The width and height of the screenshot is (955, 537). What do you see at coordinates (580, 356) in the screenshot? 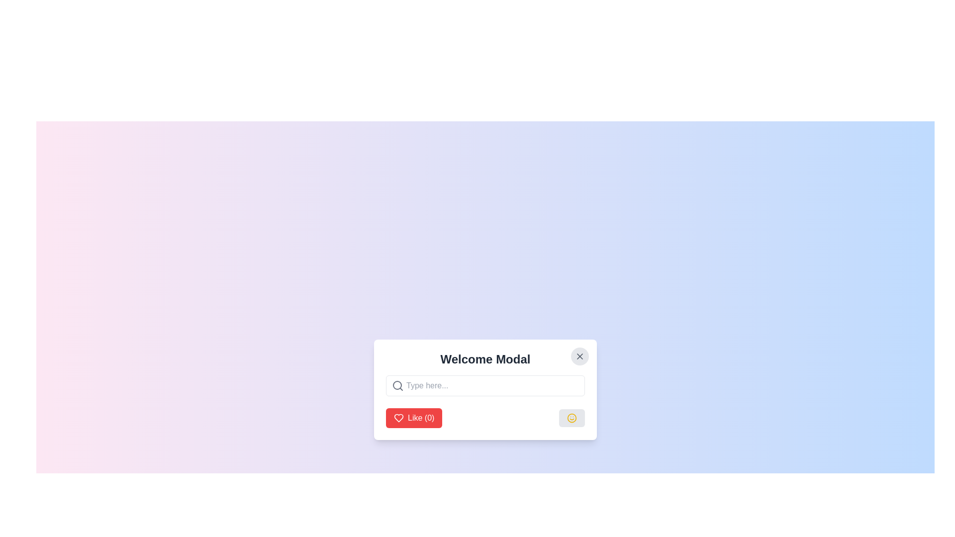
I see `the 'X' shape icon in the top-right corner of the modal dialog` at bounding box center [580, 356].